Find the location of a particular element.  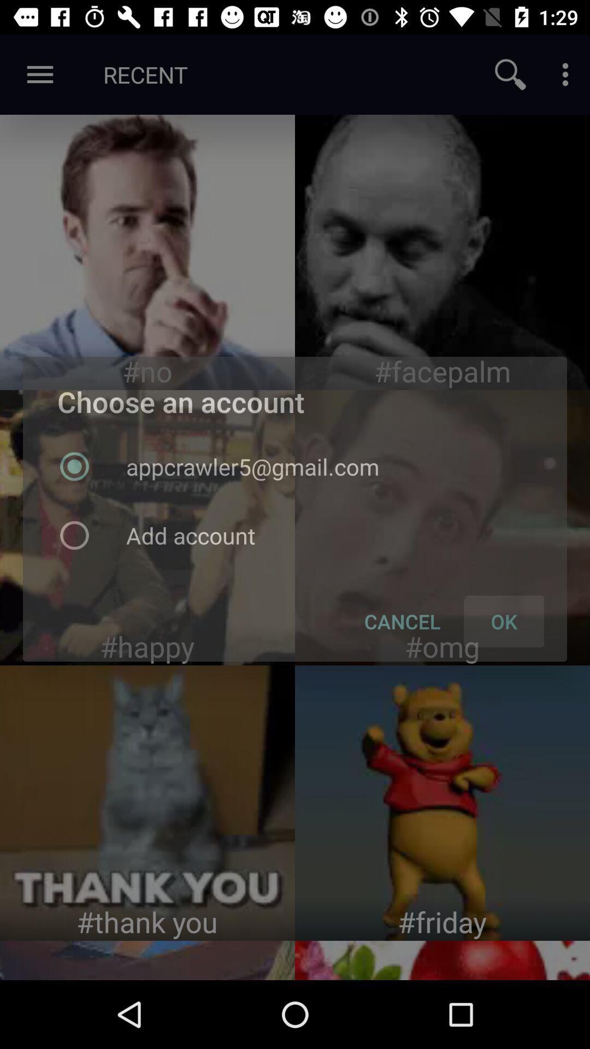

post the friday meme to your social media account is located at coordinates (442, 803).